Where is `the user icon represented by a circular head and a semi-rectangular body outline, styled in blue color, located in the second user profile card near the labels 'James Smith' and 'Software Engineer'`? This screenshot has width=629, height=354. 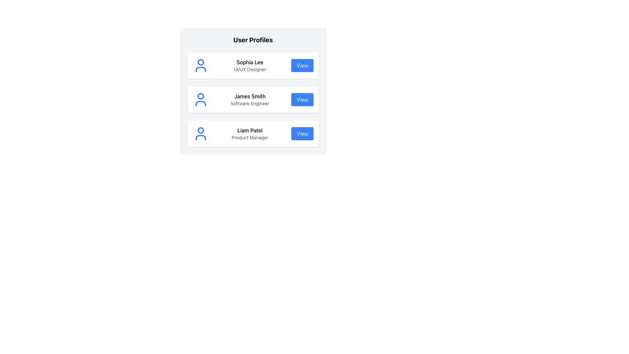 the user icon represented by a circular head and a semi-rectangular body outline, styled in blue color, located in the second user profile card near the labels 'James Smith' and 'Software Engineer' is located at coordinates (200, 100).